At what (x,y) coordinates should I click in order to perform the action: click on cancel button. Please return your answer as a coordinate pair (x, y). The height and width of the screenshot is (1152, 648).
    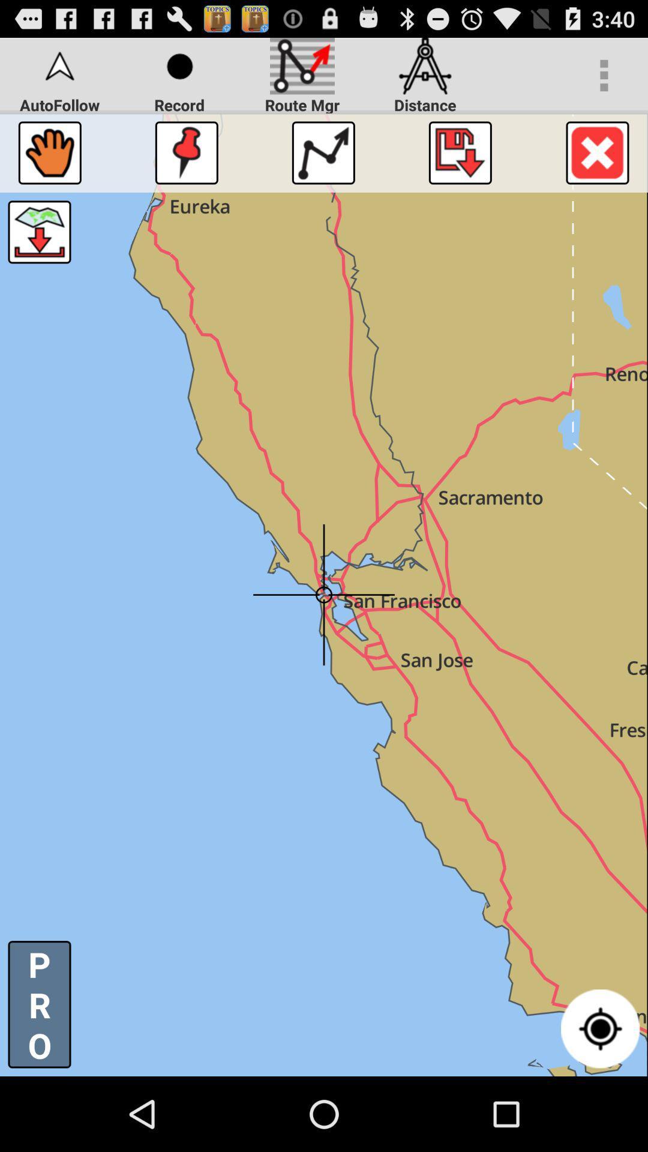
    Looking at the image, I should click on (597, 152).